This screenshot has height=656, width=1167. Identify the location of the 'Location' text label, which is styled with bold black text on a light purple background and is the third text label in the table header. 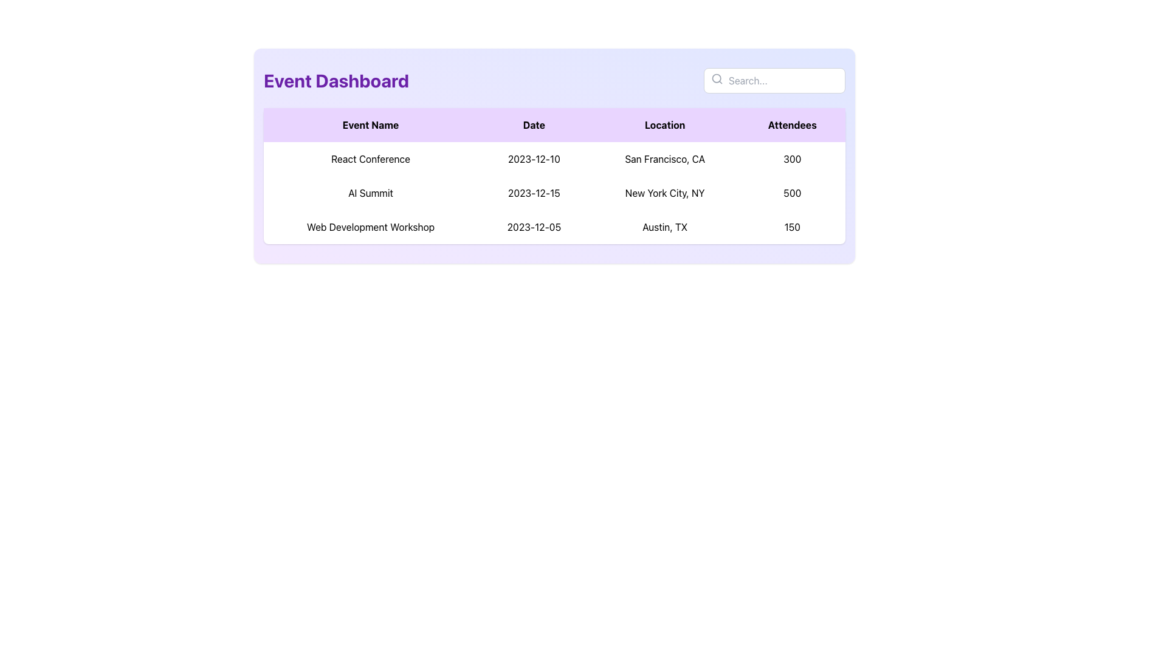
(664, 125).